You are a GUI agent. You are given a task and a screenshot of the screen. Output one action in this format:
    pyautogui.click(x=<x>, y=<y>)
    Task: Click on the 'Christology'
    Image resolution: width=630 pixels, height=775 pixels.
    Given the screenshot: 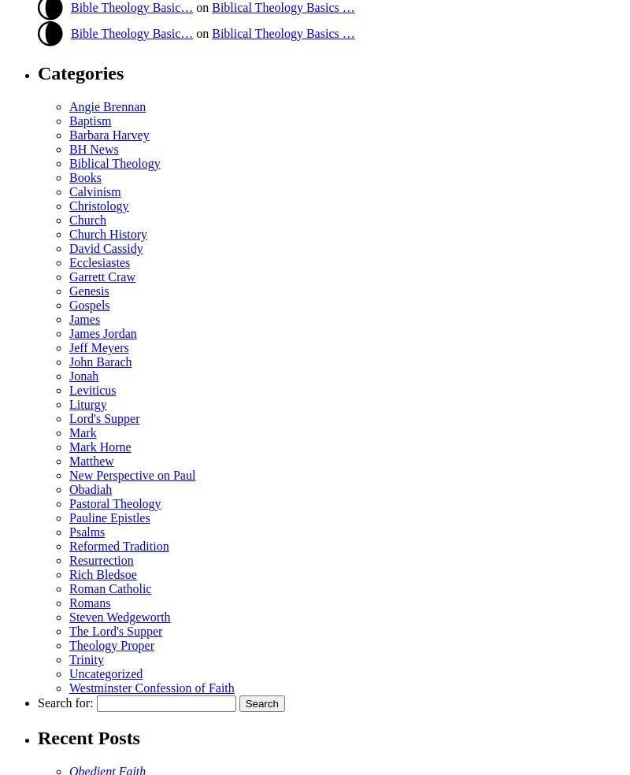 What is the action you would take?
    pyautogui.click(x=98, y=205)
    